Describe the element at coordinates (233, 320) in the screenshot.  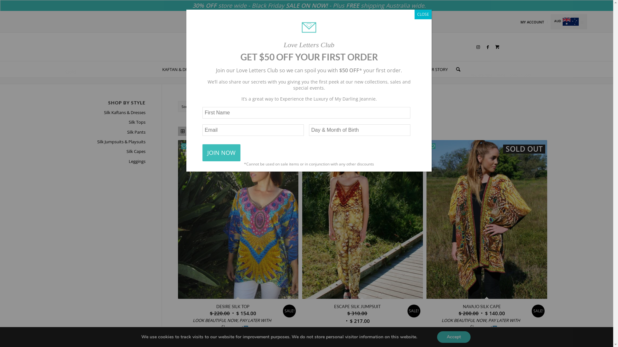
I see `'LOOK BEAUTIFUL NOW, PAY LATER WITH  '` at that location.